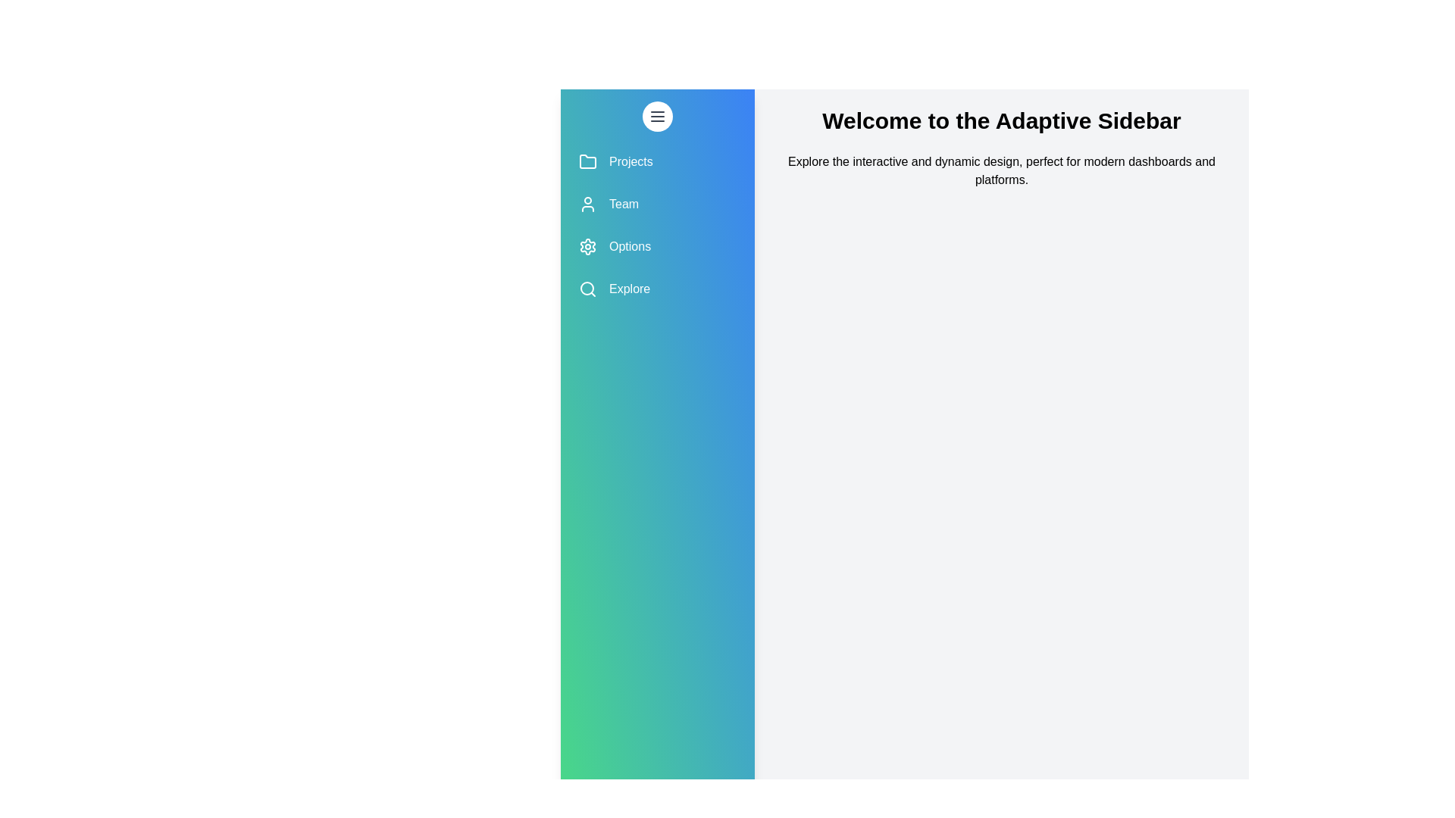 The width and height of the screenshot is (1455, 818). I want to click on the menu item labeled Options to navigate to its section, so click(658, 246).